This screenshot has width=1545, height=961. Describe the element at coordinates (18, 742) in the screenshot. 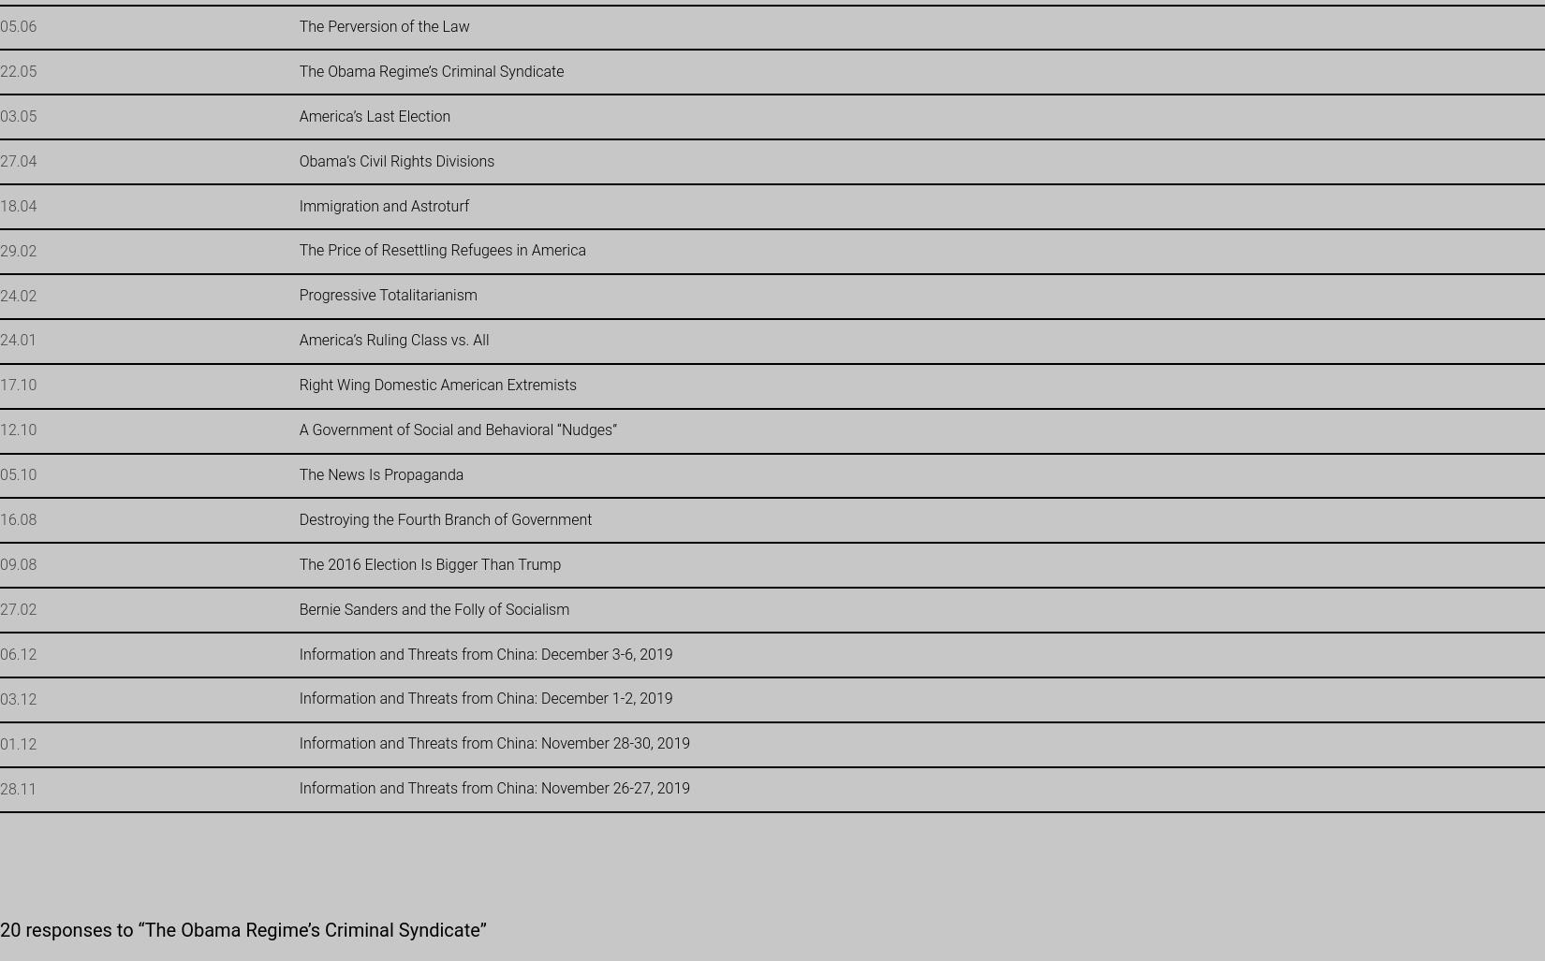

I see `'01.12'` at that location.